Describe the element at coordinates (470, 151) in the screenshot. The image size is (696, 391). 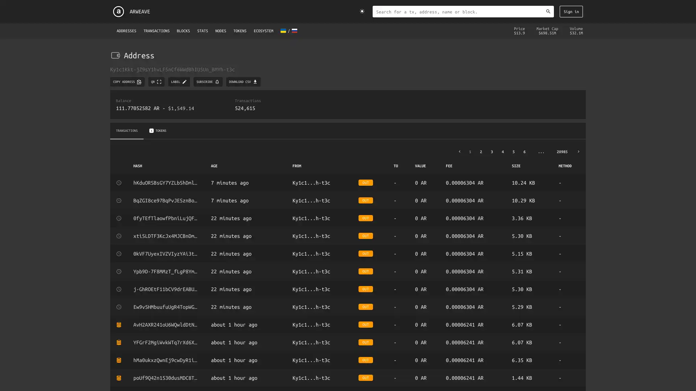
I see `Page 1 is your current page` at that location.